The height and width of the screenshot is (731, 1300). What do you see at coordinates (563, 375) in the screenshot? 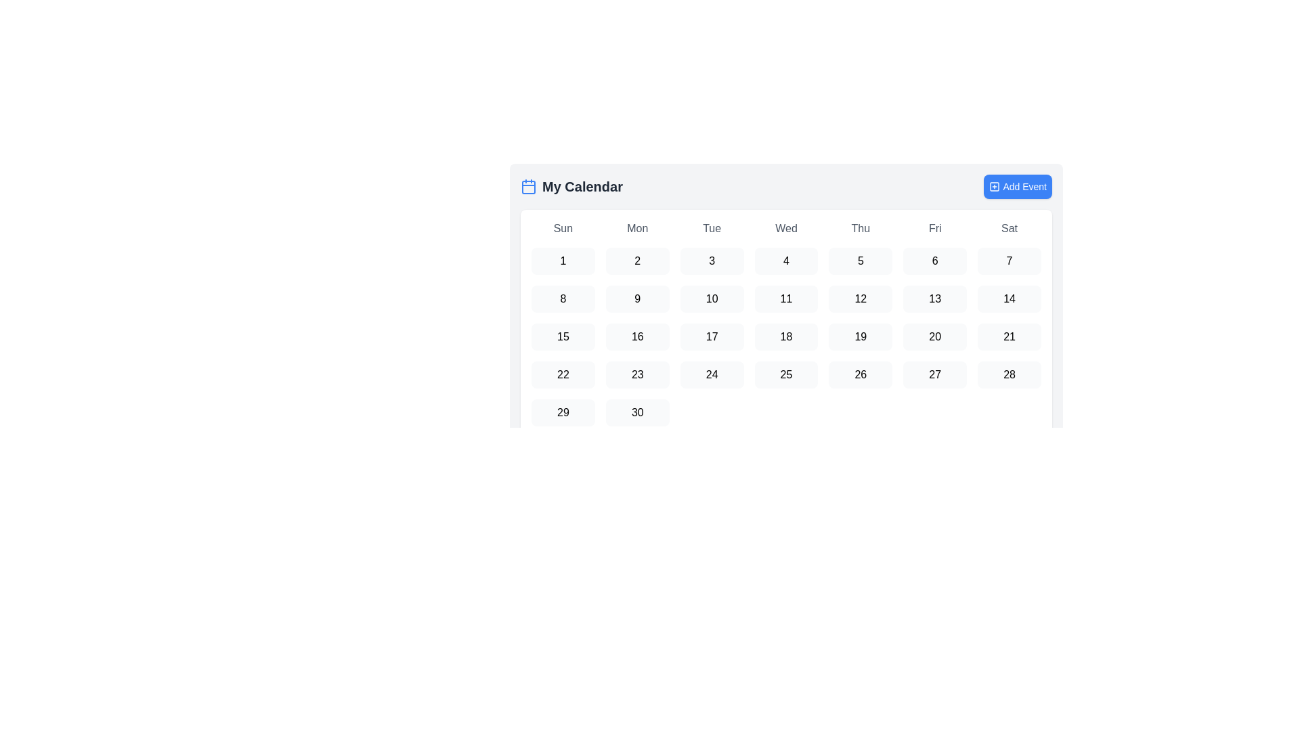
I see `the calendar date cell representing the 22nd day, located in the last row, first column of the calendar grid` at bounding box center [563, 375].